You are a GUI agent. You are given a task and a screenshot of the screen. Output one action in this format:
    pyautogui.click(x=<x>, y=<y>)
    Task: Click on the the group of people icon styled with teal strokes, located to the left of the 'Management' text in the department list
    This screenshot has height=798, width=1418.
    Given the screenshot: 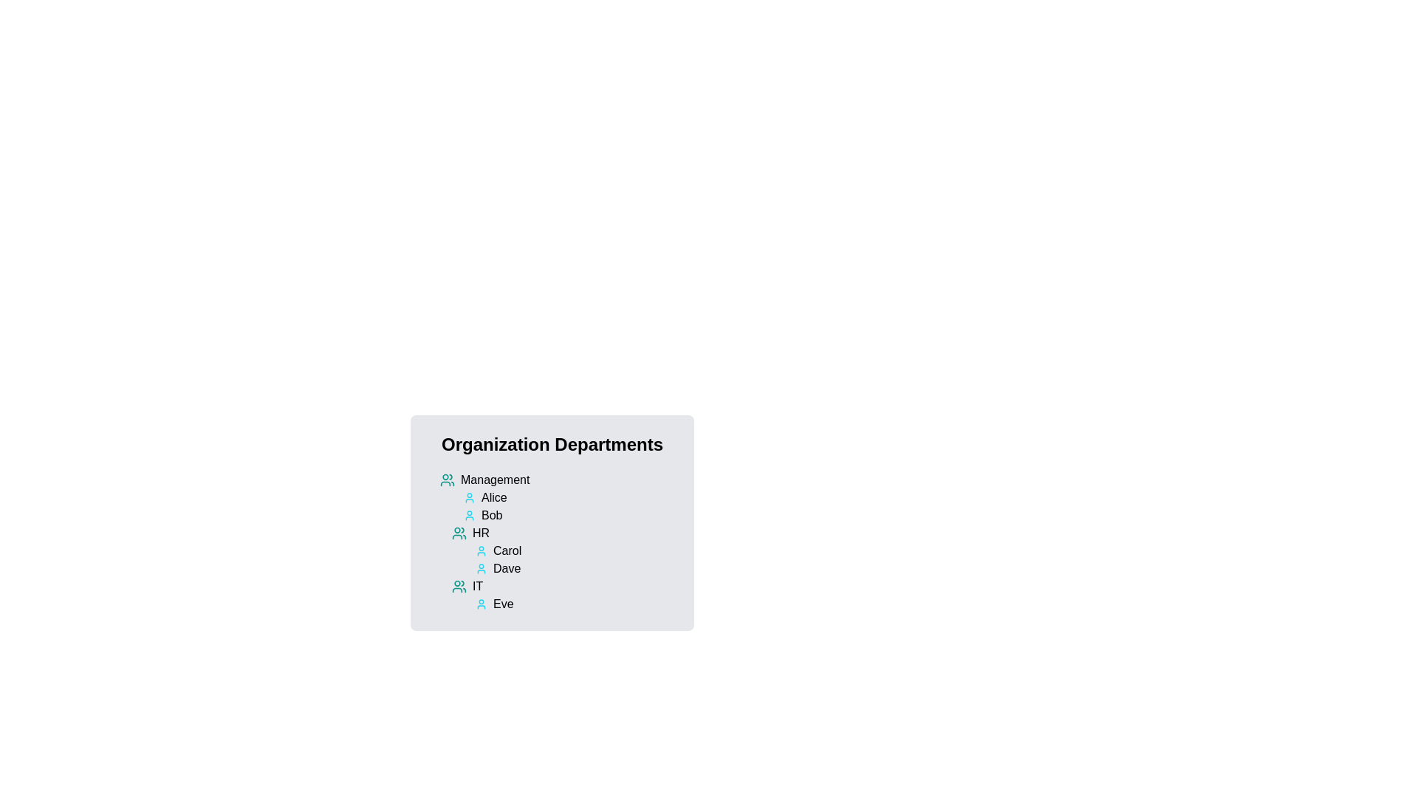 What is the action you would take?
    pyautogui.click(x=446, y=480)
    